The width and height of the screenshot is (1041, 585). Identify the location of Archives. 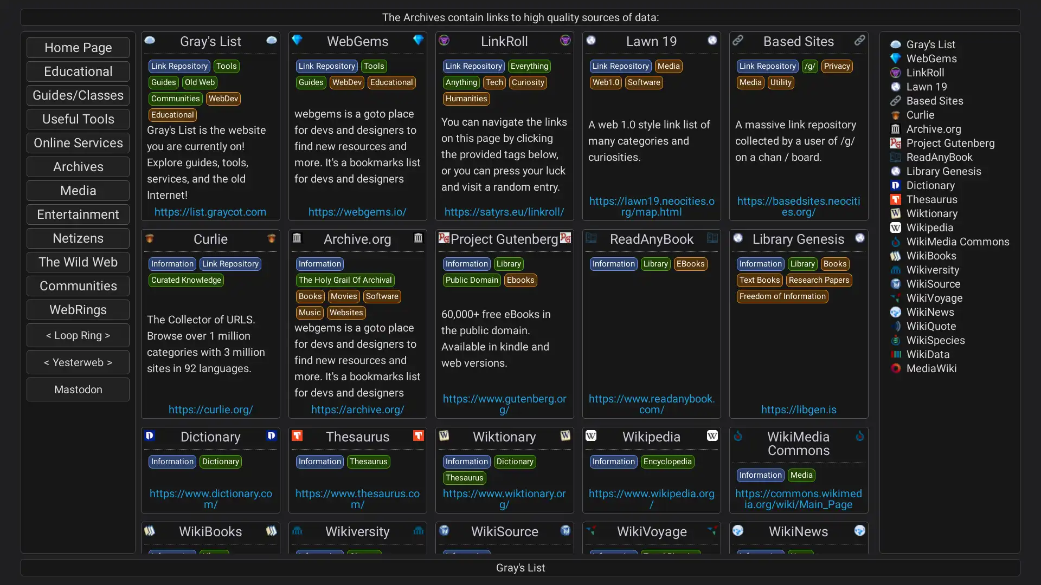
(78, 167).